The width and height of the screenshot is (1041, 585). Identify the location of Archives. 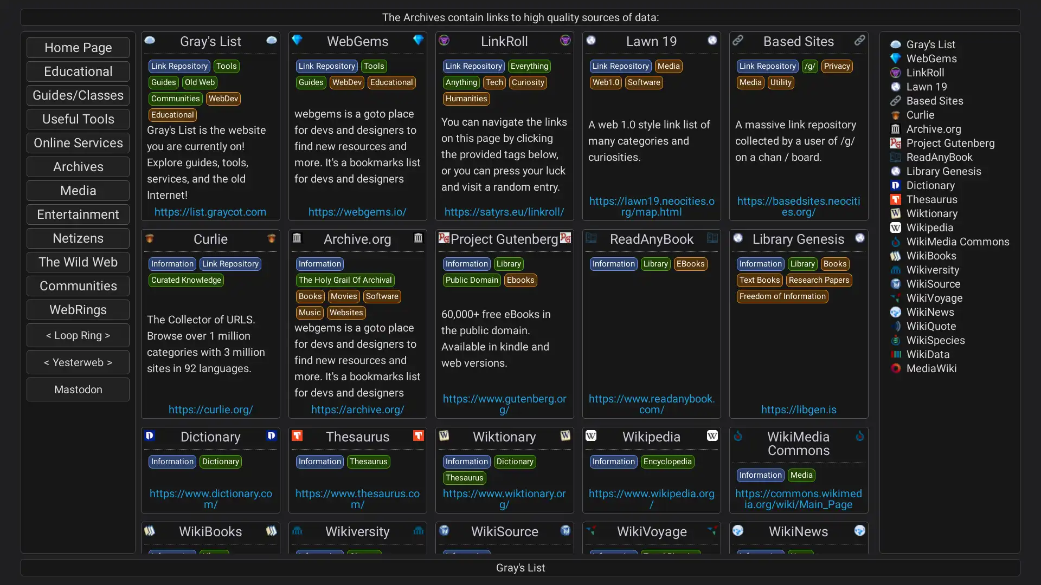
(78, 167).